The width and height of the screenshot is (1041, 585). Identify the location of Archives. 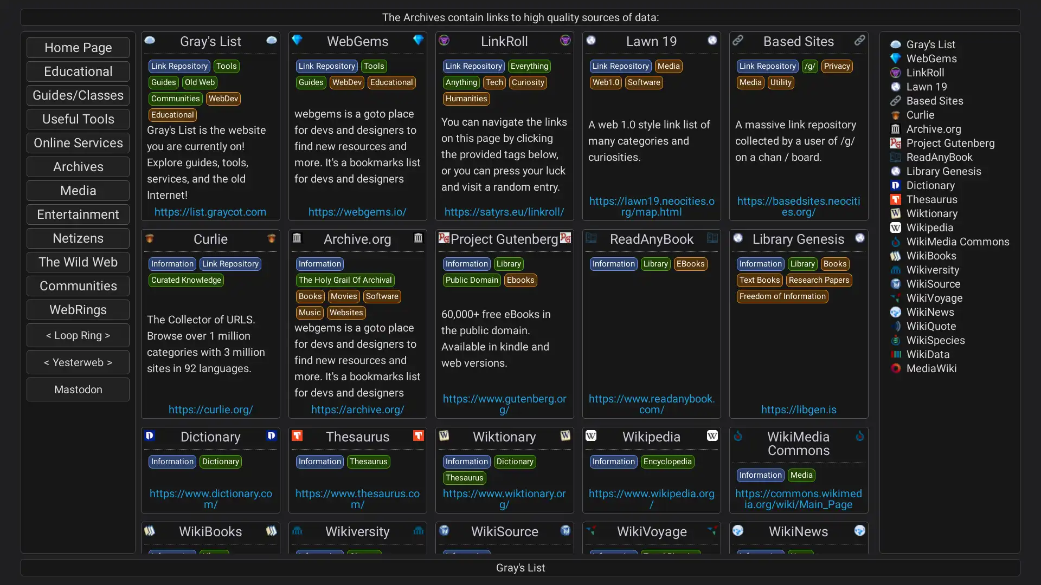
(78, 167).